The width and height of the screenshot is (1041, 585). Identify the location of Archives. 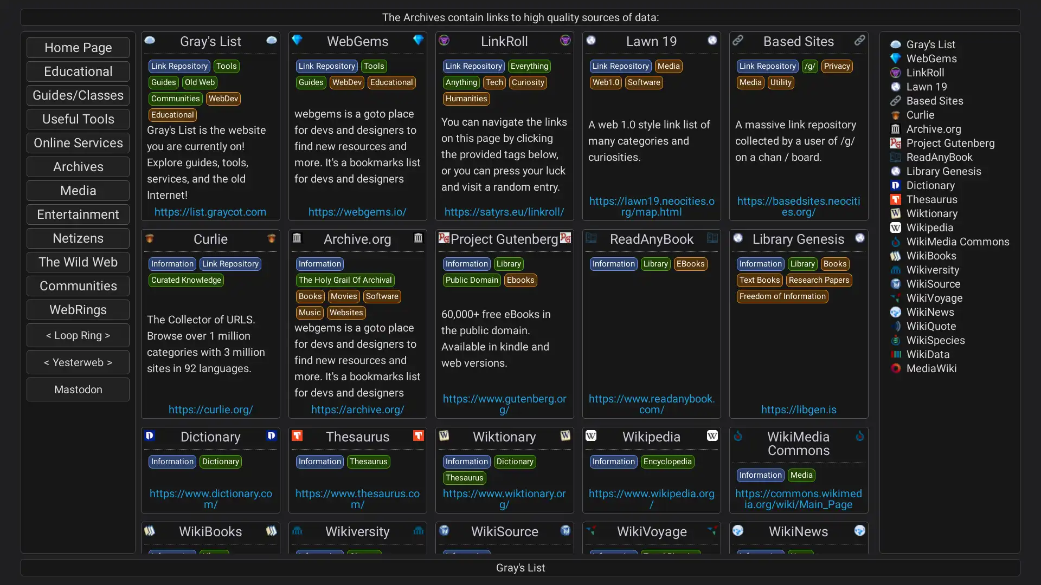
(78, 167).